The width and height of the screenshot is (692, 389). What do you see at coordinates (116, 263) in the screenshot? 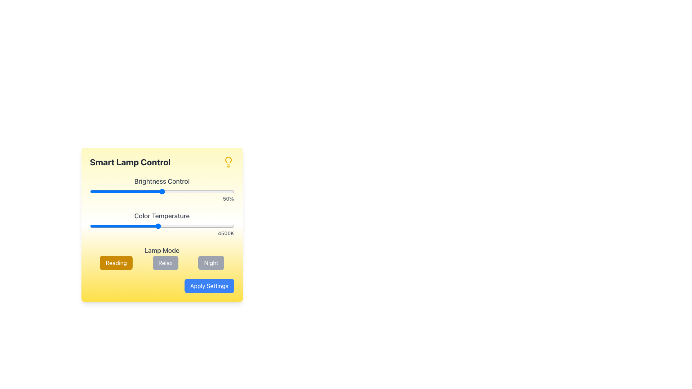
I see `the 'Reading' button, which is a rectangular button with rounded corners, featuring white text on a yellow-orange background, located at the bottom of the 'Lamp Mode' section` at bounding box center [116, 263].